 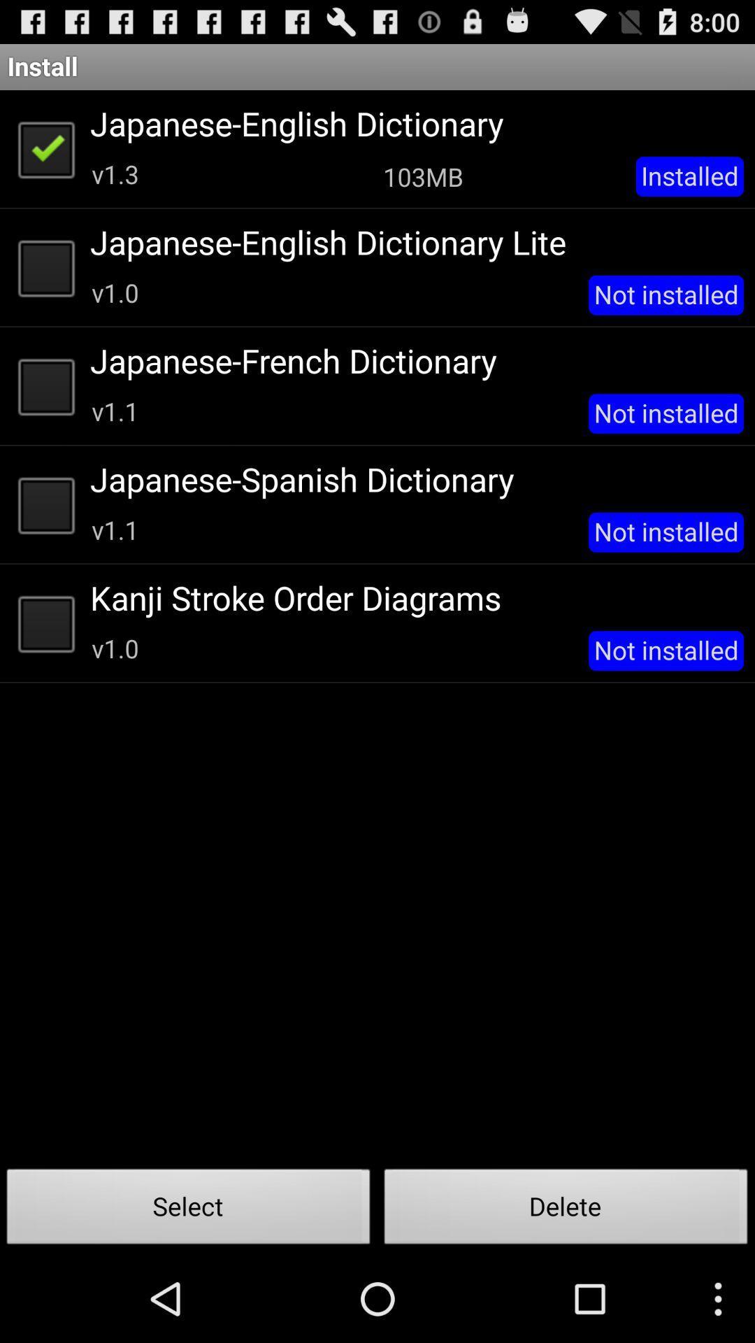 What do you see at coordinates (422, 176) in the screenshot?
I see `the app to the right of v1.3 app` at bounding box center [422, 176].